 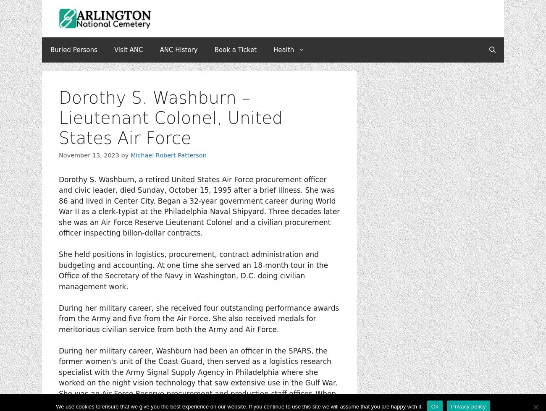 I want to click on 'by', so click(x=126, y=155).